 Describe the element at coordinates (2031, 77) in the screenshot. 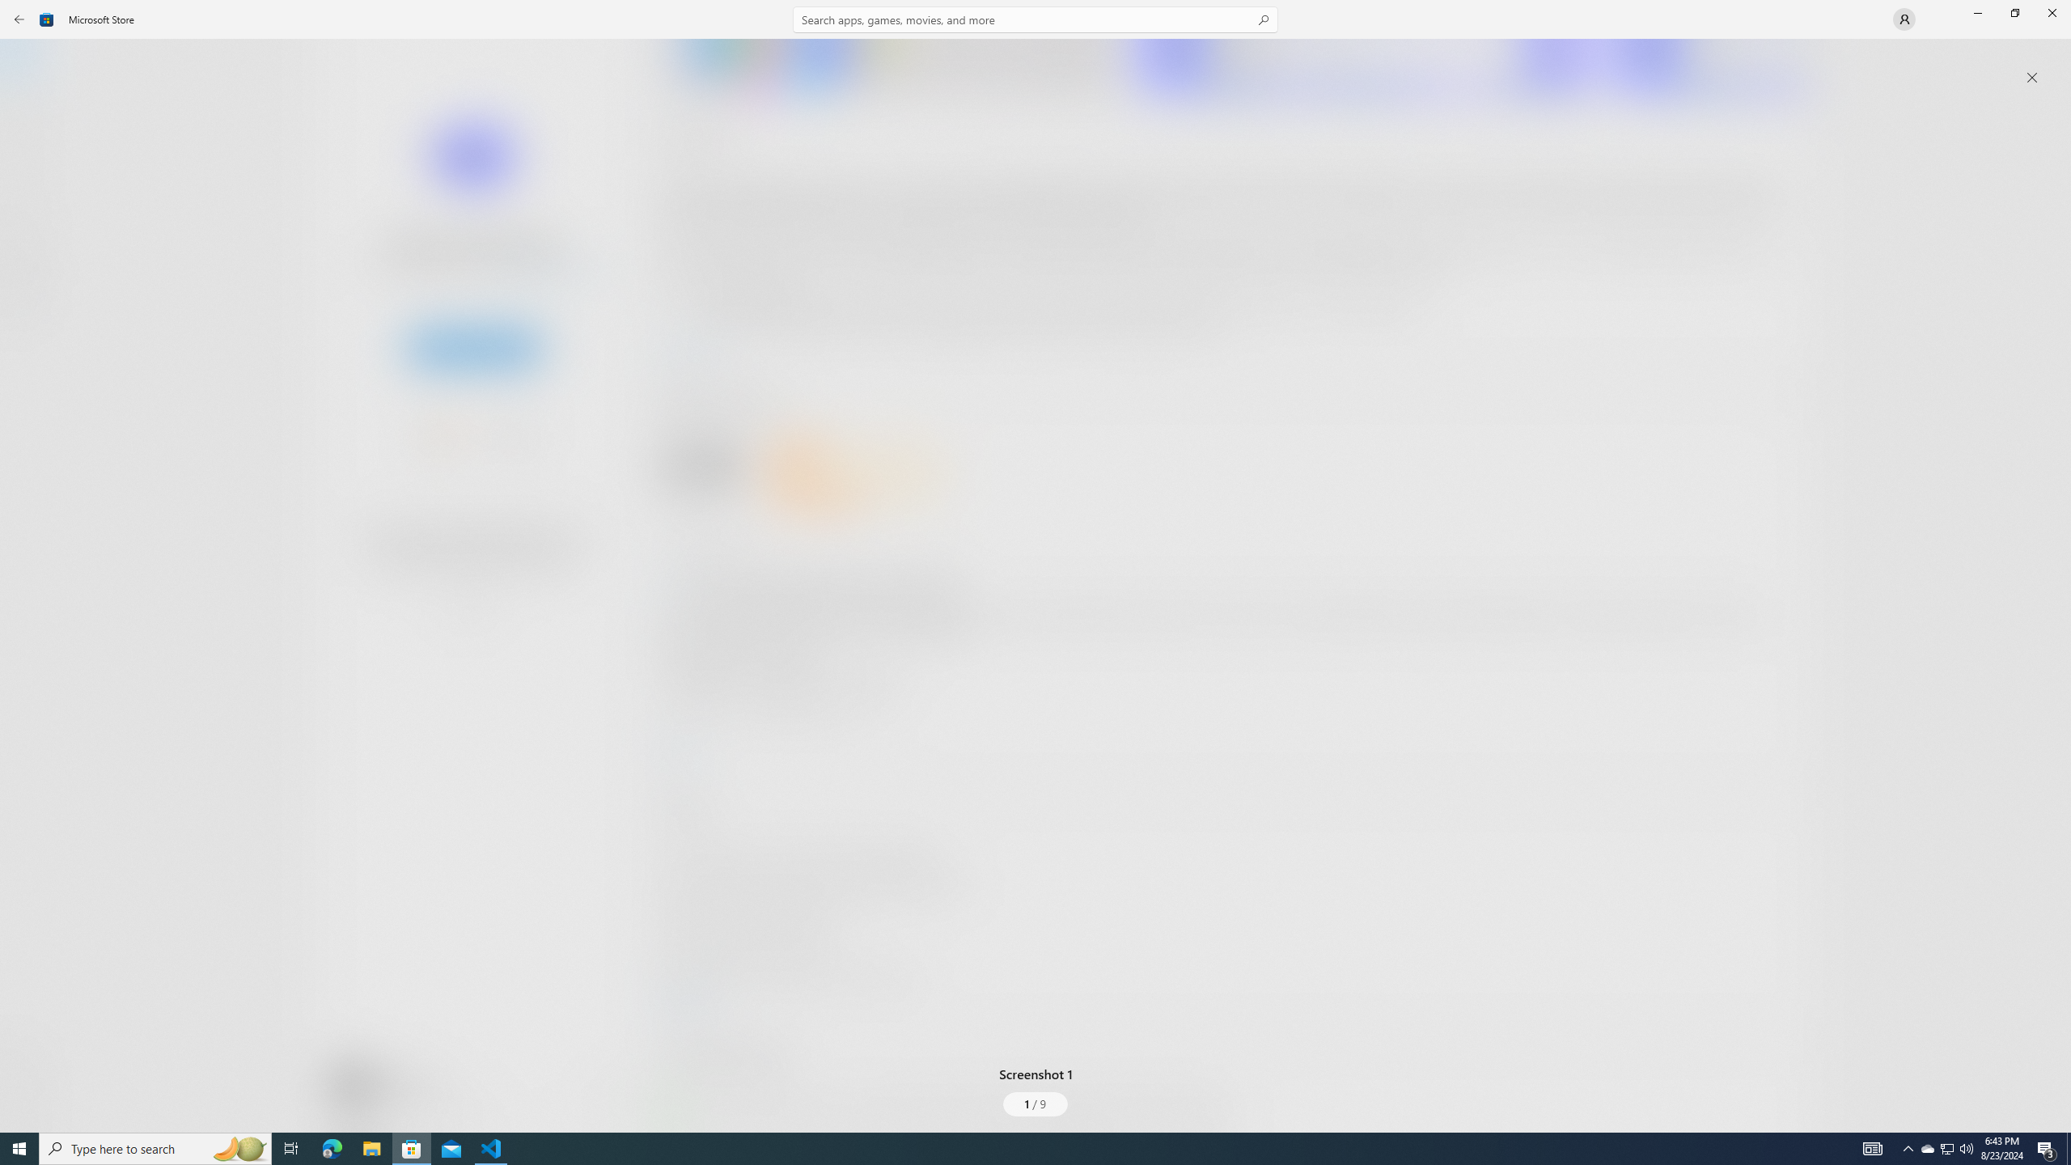

I see `'close popup window'` at that location.